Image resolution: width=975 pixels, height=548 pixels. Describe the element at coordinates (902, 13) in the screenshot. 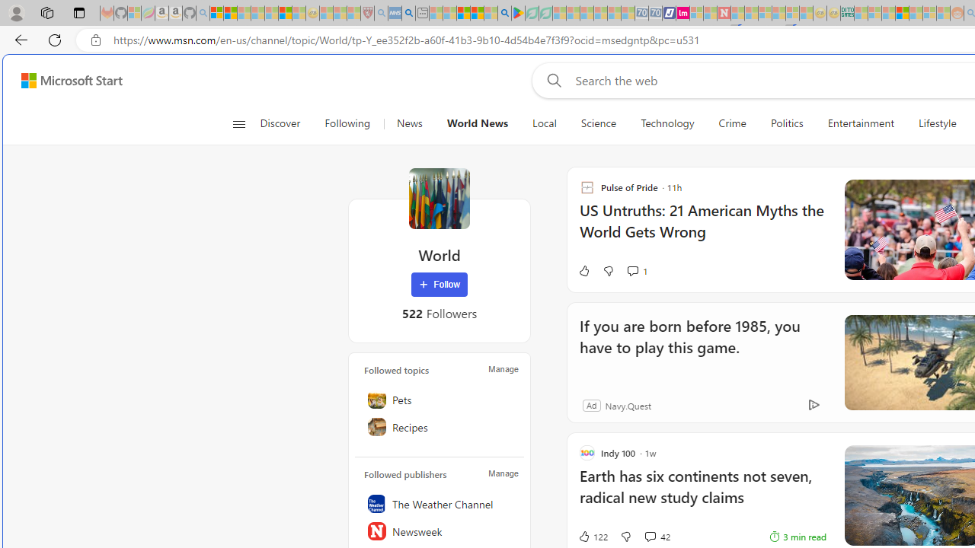

I see `'Expert Portfolios'` at that location.